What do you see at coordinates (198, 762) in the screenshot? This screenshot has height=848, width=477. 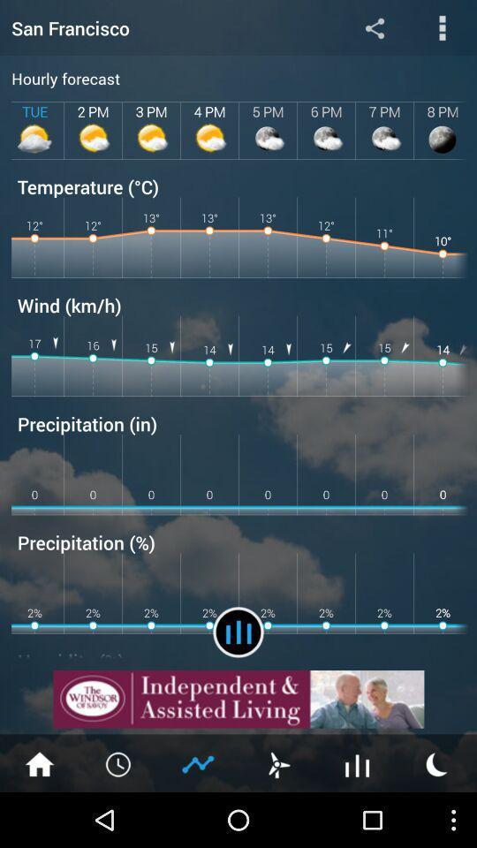 I see `climate` at bounding box center [198, 762].